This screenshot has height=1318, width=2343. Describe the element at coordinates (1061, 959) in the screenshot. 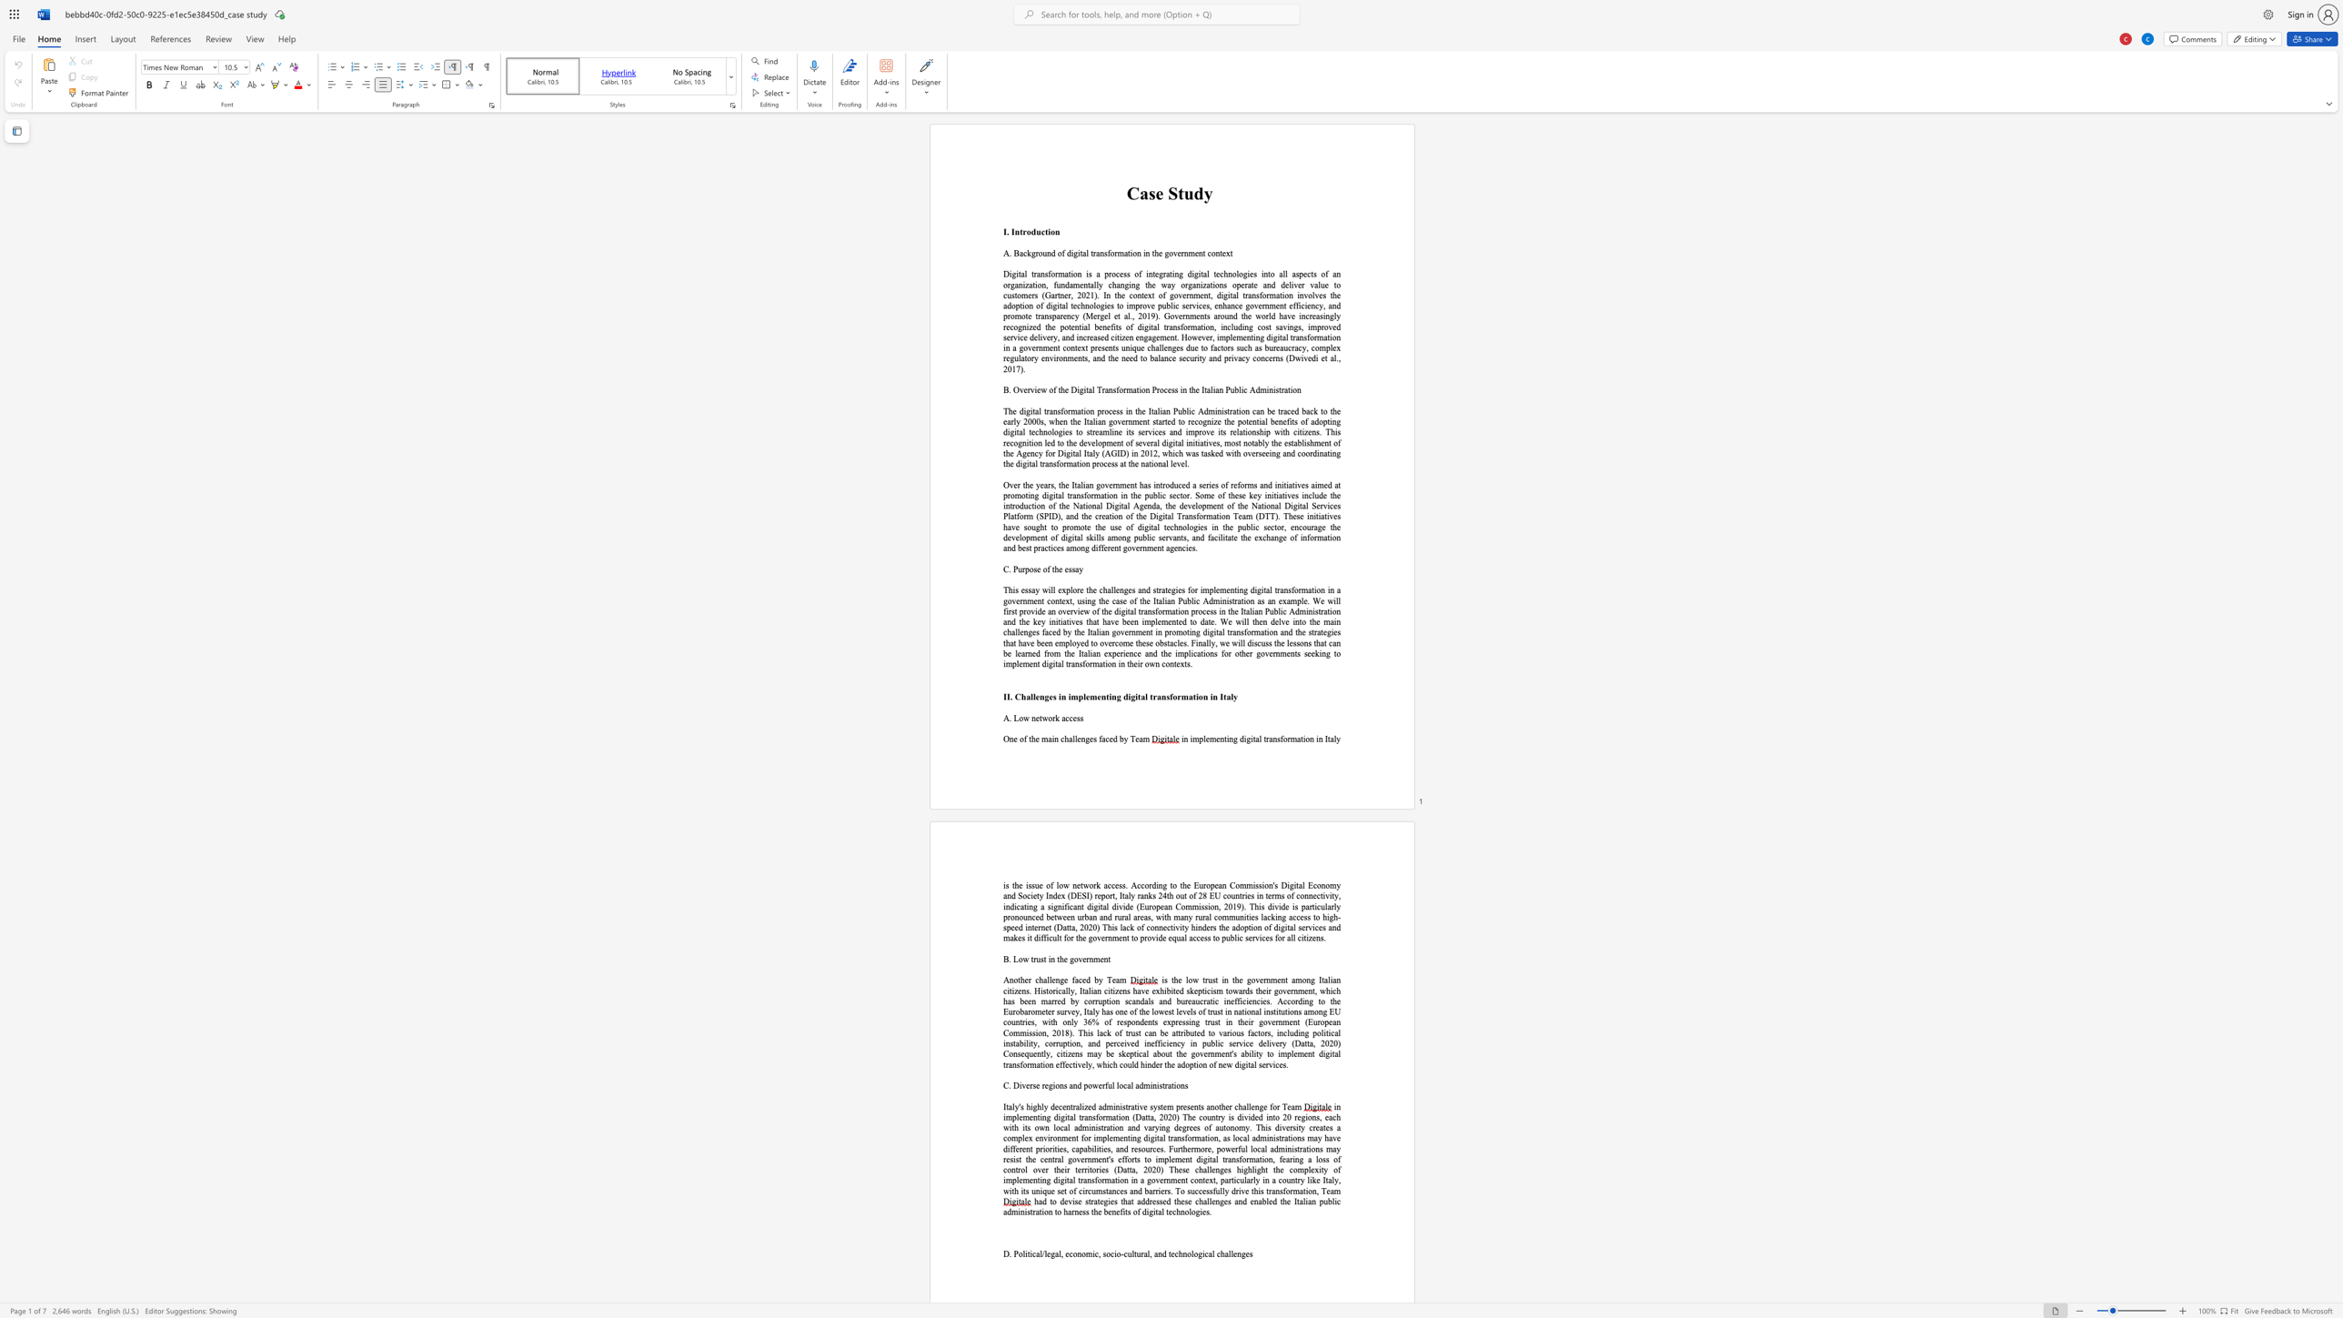

I see `the 1th character "h" in the text` at that location.